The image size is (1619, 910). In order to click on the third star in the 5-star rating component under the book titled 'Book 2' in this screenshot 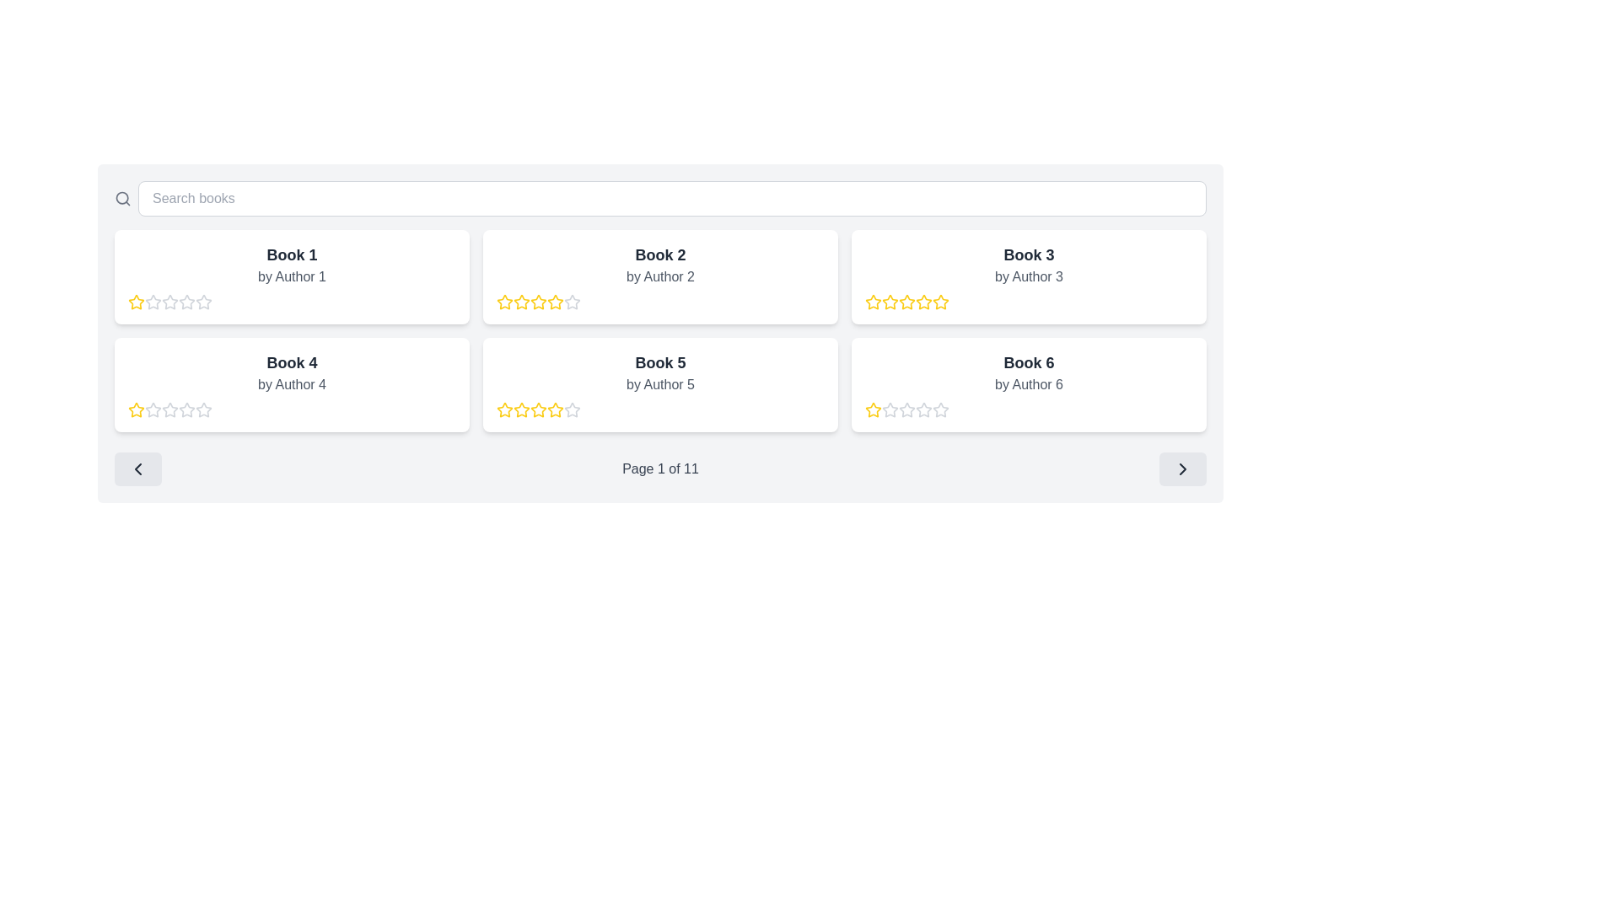, I will do `click(572, 301)`.